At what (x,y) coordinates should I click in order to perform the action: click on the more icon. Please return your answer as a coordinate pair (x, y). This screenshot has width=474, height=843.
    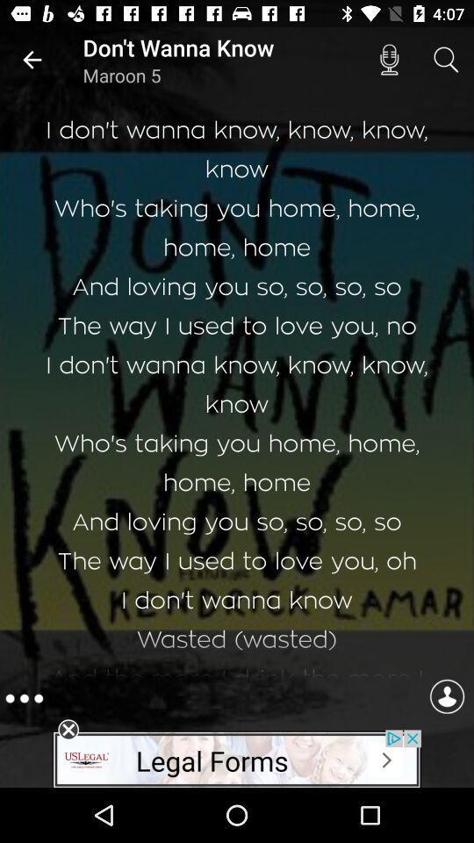
    Looking at the image, I should click on (23, 699).